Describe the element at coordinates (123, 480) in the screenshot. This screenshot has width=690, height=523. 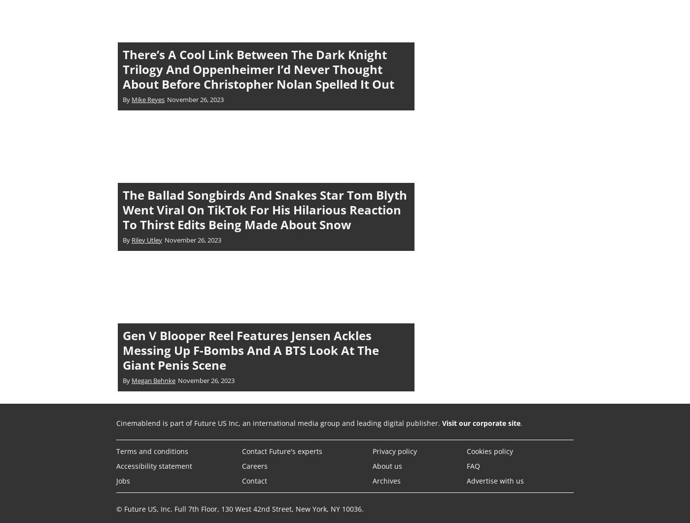
I see `'Jobs'` at that location.